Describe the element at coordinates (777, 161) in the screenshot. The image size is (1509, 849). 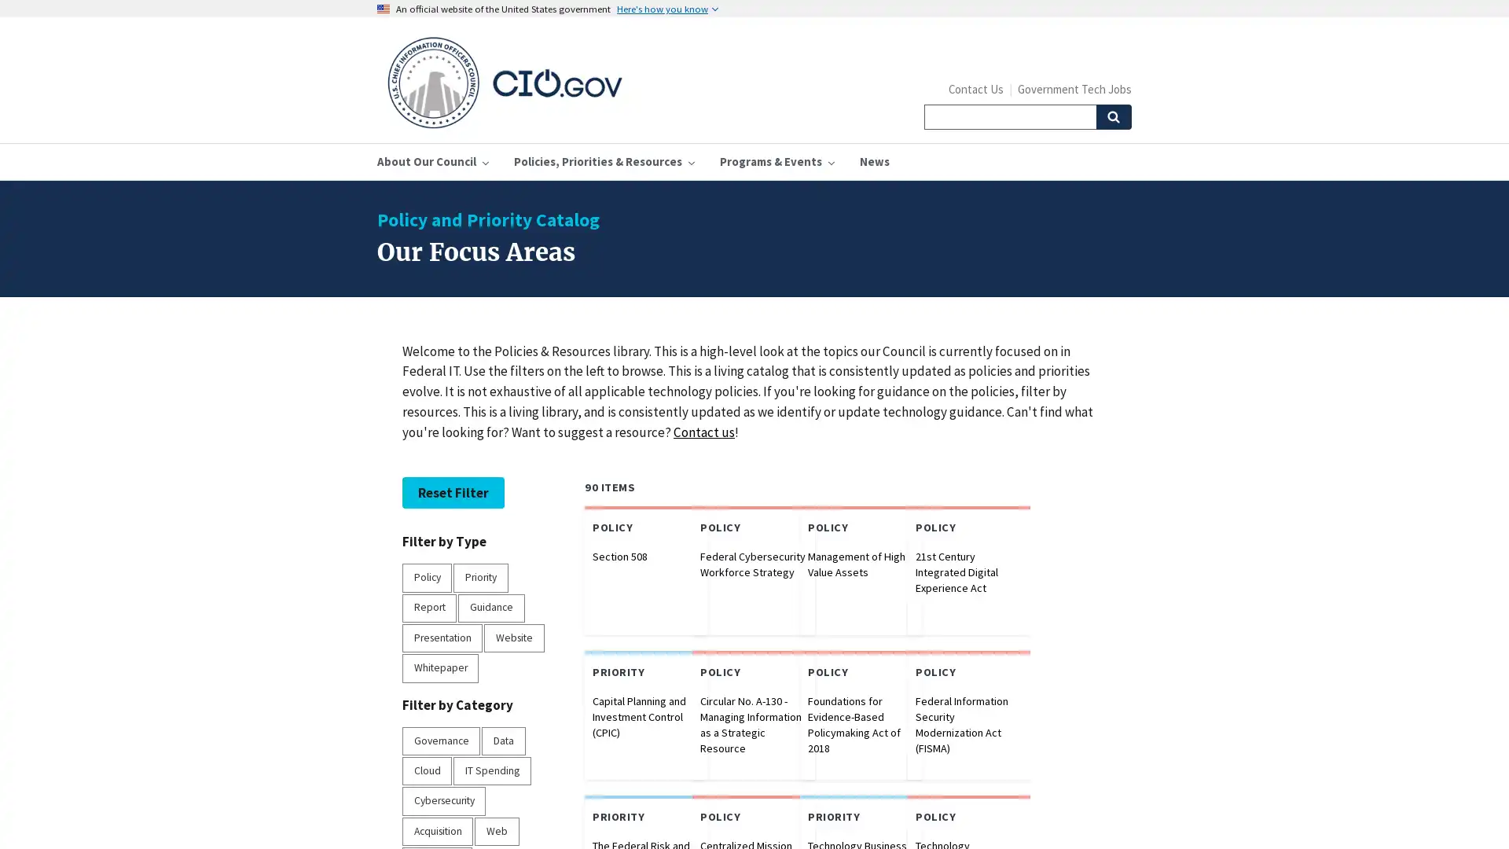
I see `Programs & Events` at that location.